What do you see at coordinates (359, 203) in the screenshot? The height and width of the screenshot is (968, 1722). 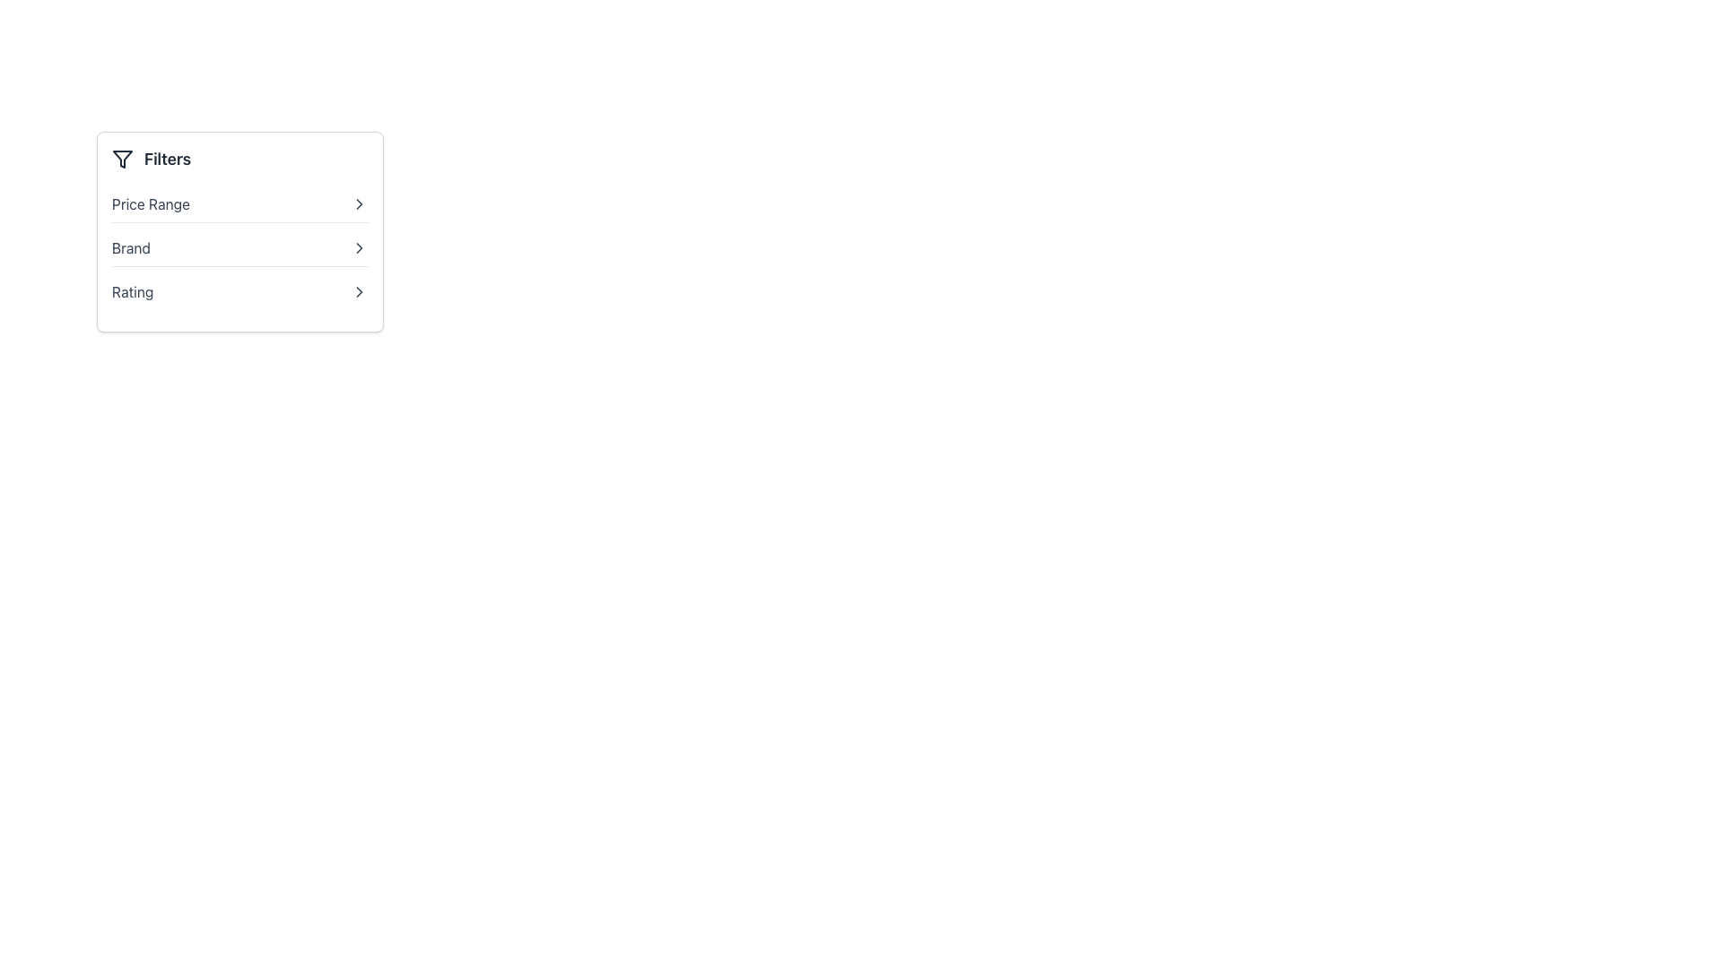 I see `the right-pointing chevron SVG icon located in the 'Price Range' row of the Filters modal` at bounding box center [359, 203].